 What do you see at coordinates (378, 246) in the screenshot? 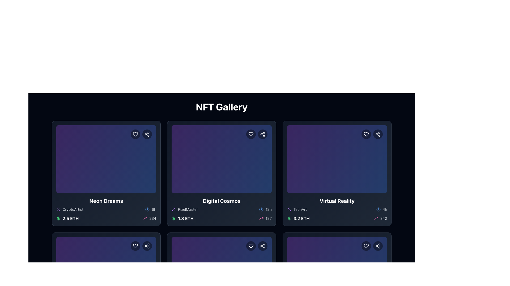
I see `the circular interactive button with a share icon, which features a dark background and a white share icon, located at the top-right region of the card, adjacent to a heart-shaped button` at bounding box center [378, 246].